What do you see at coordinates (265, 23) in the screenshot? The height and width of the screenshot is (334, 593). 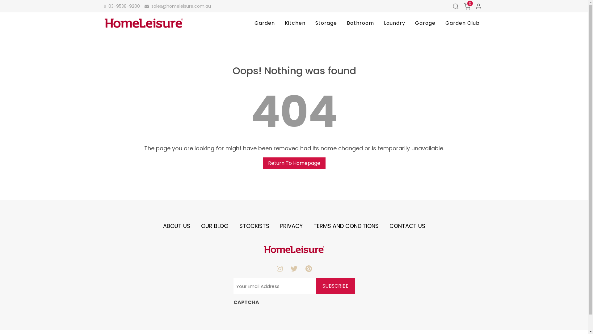 I see `'Garden'` at bounding box center [265, 23].